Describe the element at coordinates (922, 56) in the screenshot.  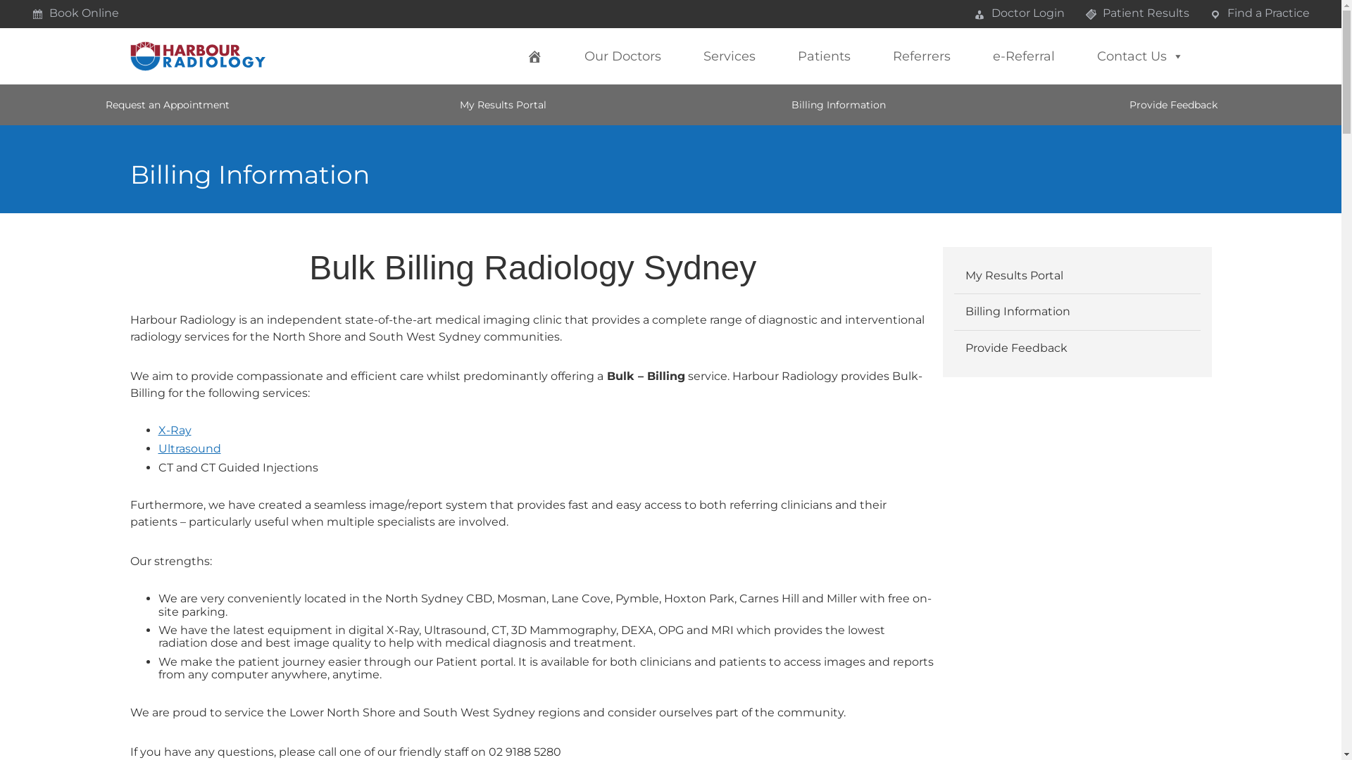
I see `'Referrers'` at that location.